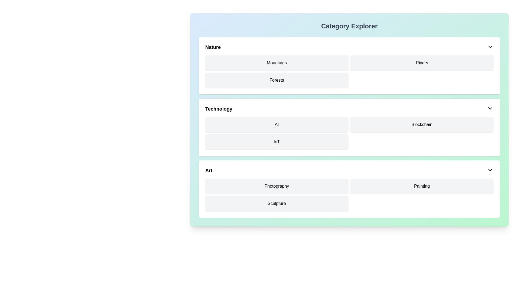  Describe the element at coordinates (490, 47) in the screenshot. I see `the toggle control located at the top-right corner of the 'Nature' header section, adjacent to the title text 'Nature'` at that location.